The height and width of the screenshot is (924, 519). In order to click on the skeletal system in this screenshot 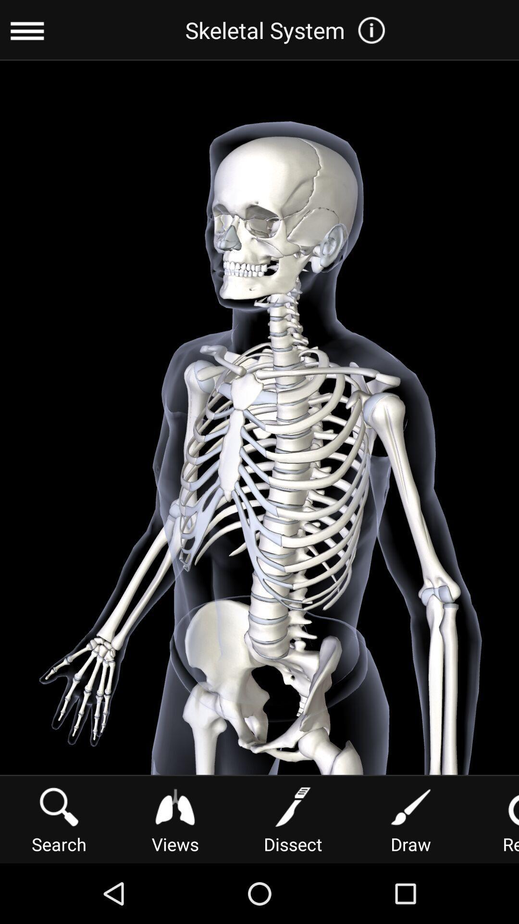, I will do `click(288, 30)`.